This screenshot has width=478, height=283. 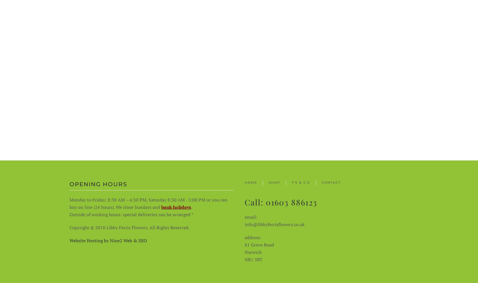 What do you see at coordinates (244, 201) in the screenshot?
I see `'Call: 01603 886123'` at bounding box center [244, 201].